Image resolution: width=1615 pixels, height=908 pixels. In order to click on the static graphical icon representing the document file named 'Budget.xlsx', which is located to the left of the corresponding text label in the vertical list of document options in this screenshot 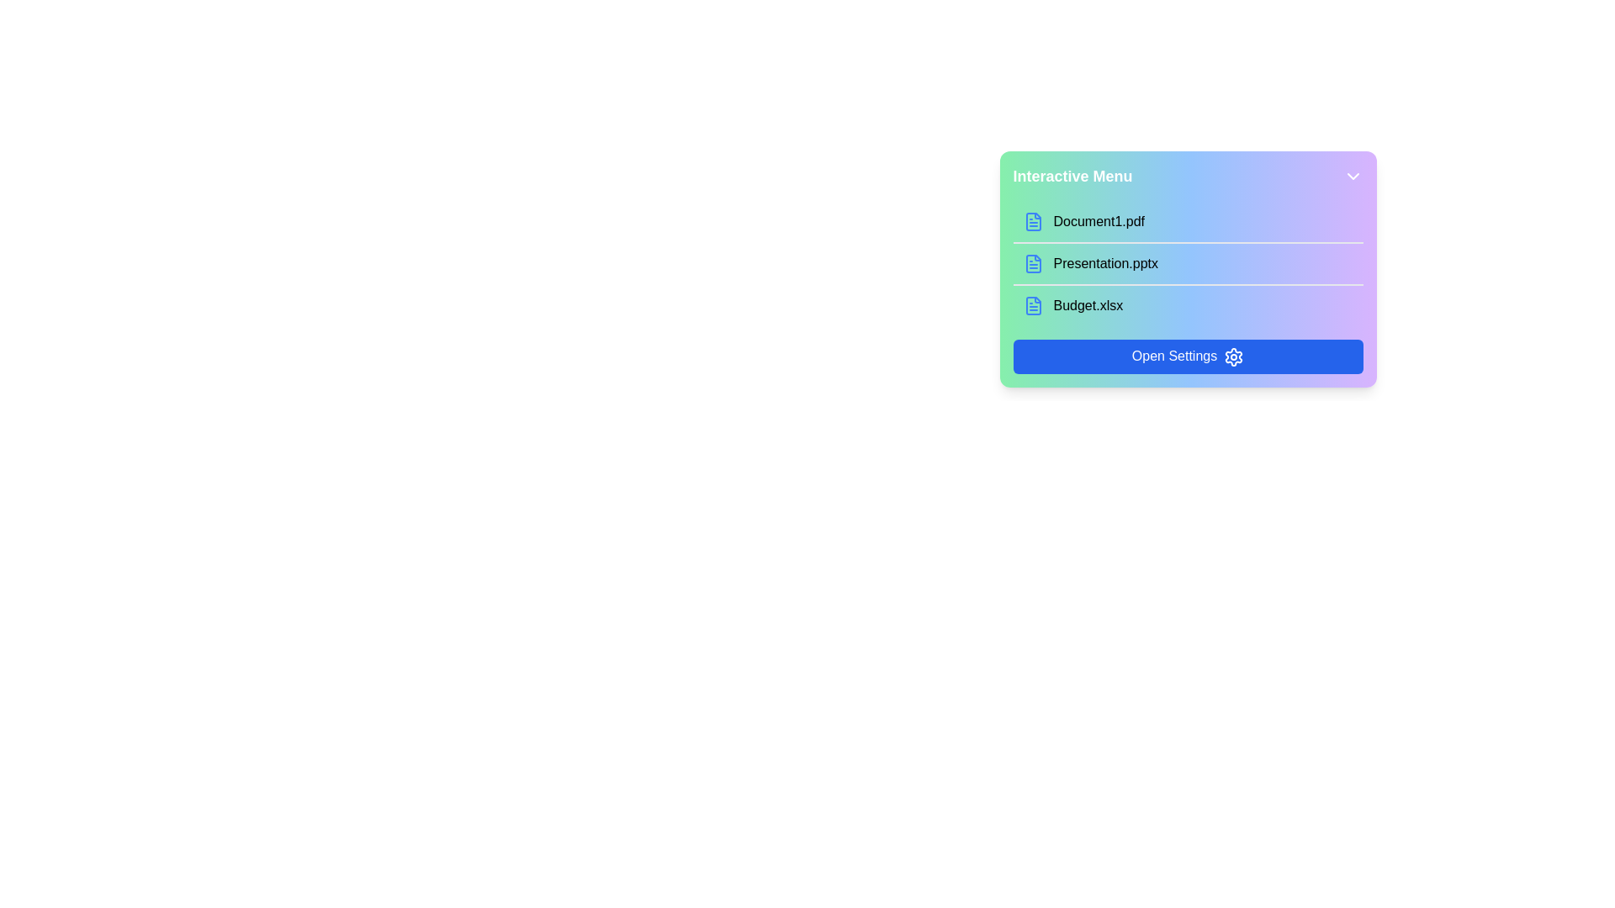, I will do `click(1032, 305)`.